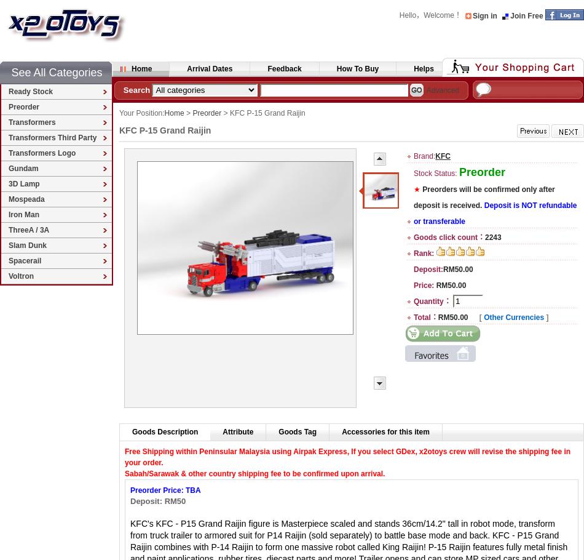  Describe the element at coordinates (25, 260) in the screenshot. I see `'Spacerail'` at that location.